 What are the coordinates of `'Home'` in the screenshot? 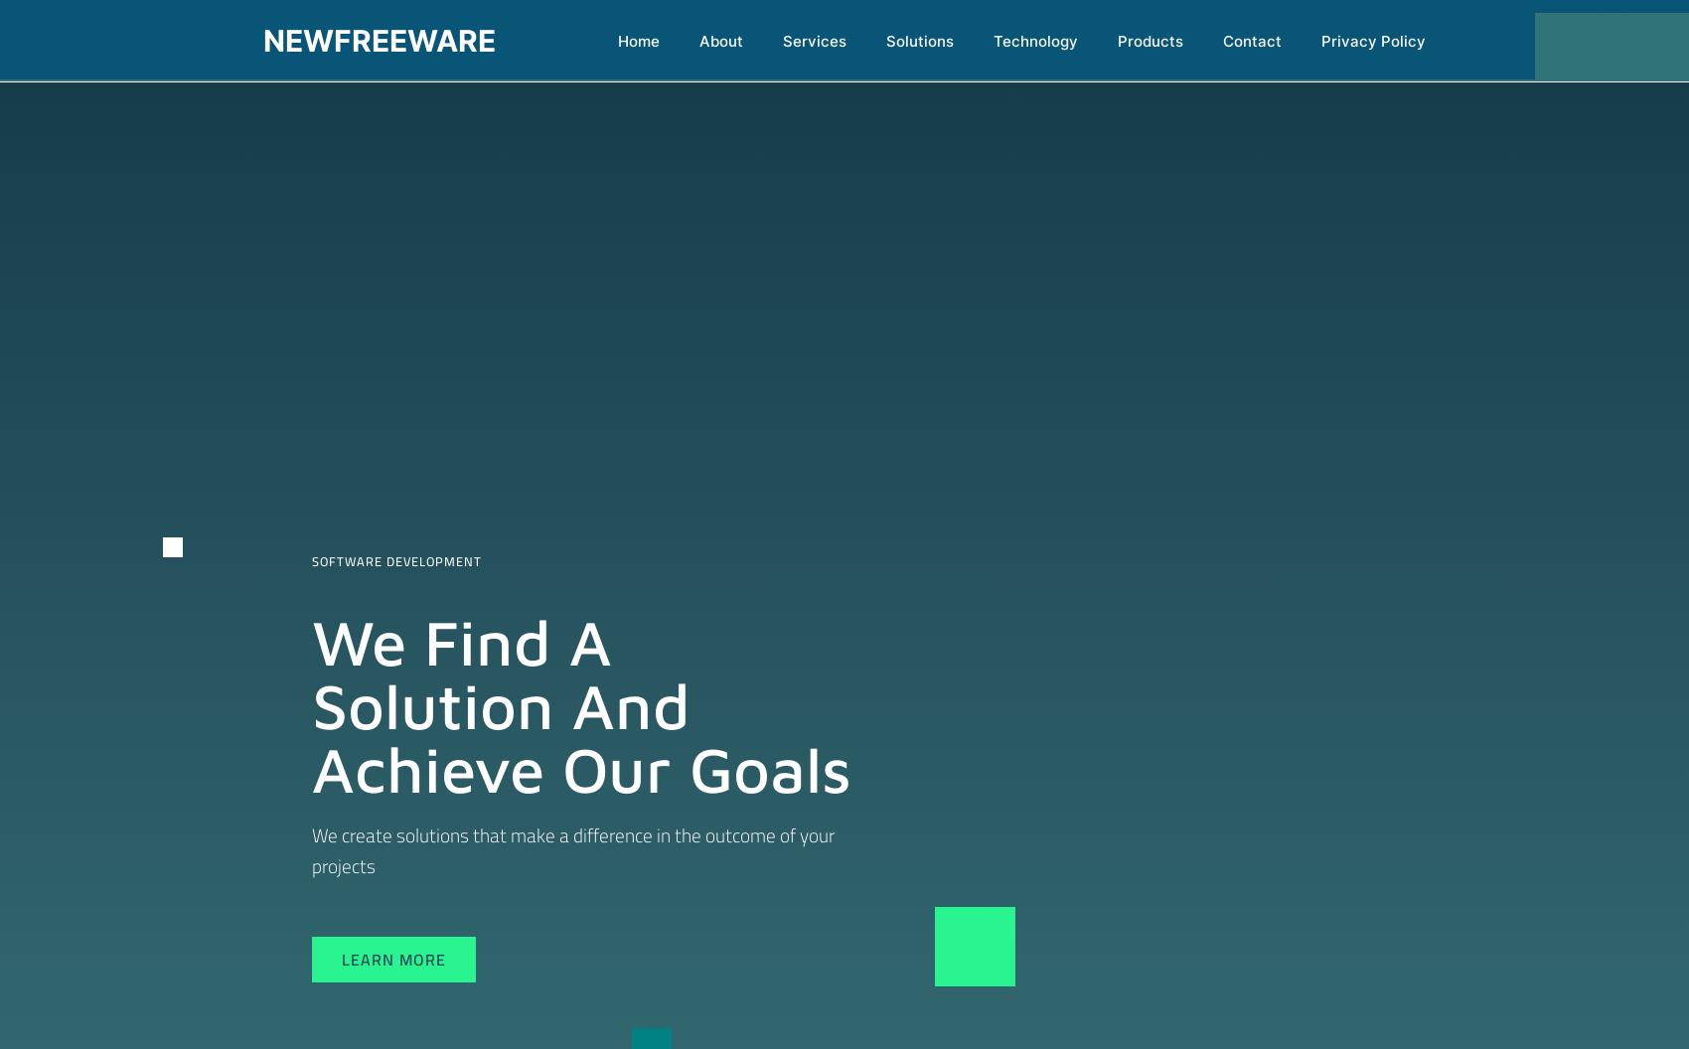 It's located at (638, 41).